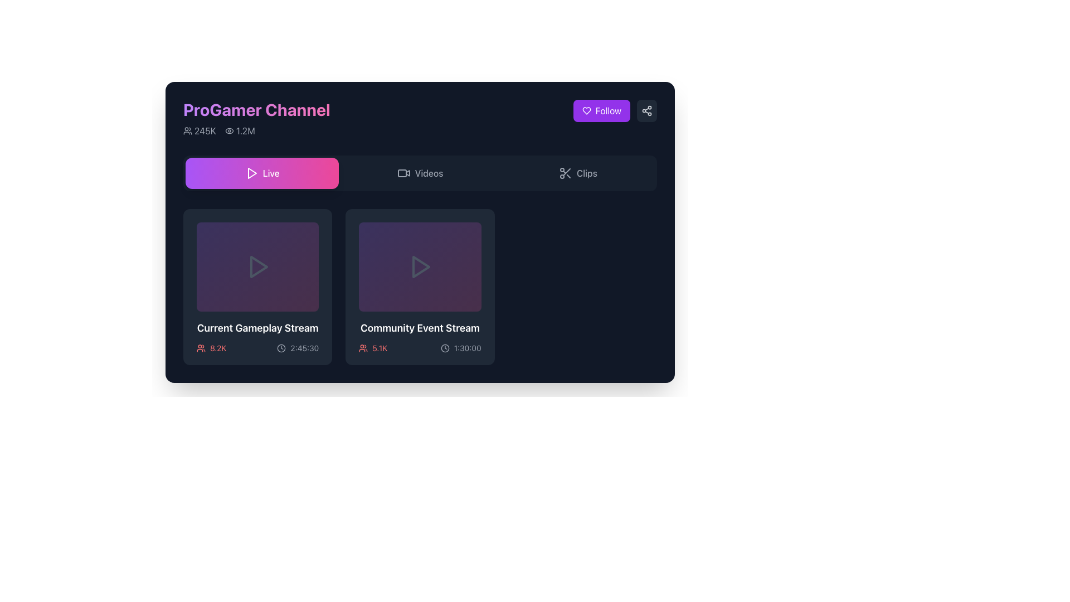  What do you see at coordinates (218, 347) in the screenshot?
I see `value displayed in the Text Label that shows the number of viewers or participants next to the user icon in the bottom-left area of the 'Current Gameplay Stream' card` at bounding box center [218, 347].